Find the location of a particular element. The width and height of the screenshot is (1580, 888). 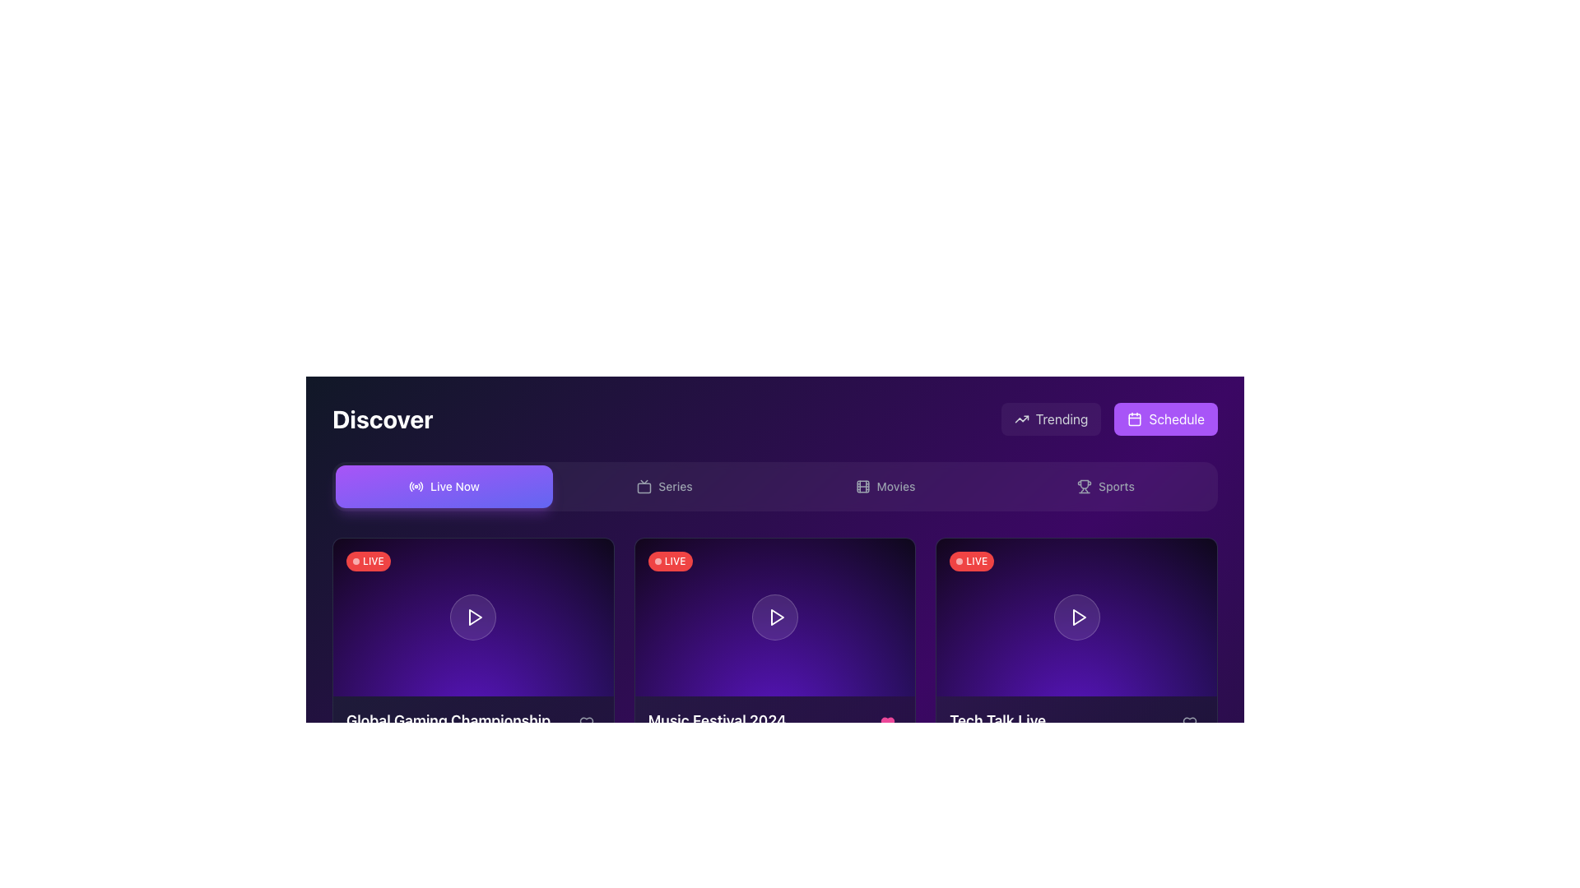

the centrally placed 'play' button icon located in the lower half of the second content card to receive additional UI feedback is located at coordinates (777, 617).